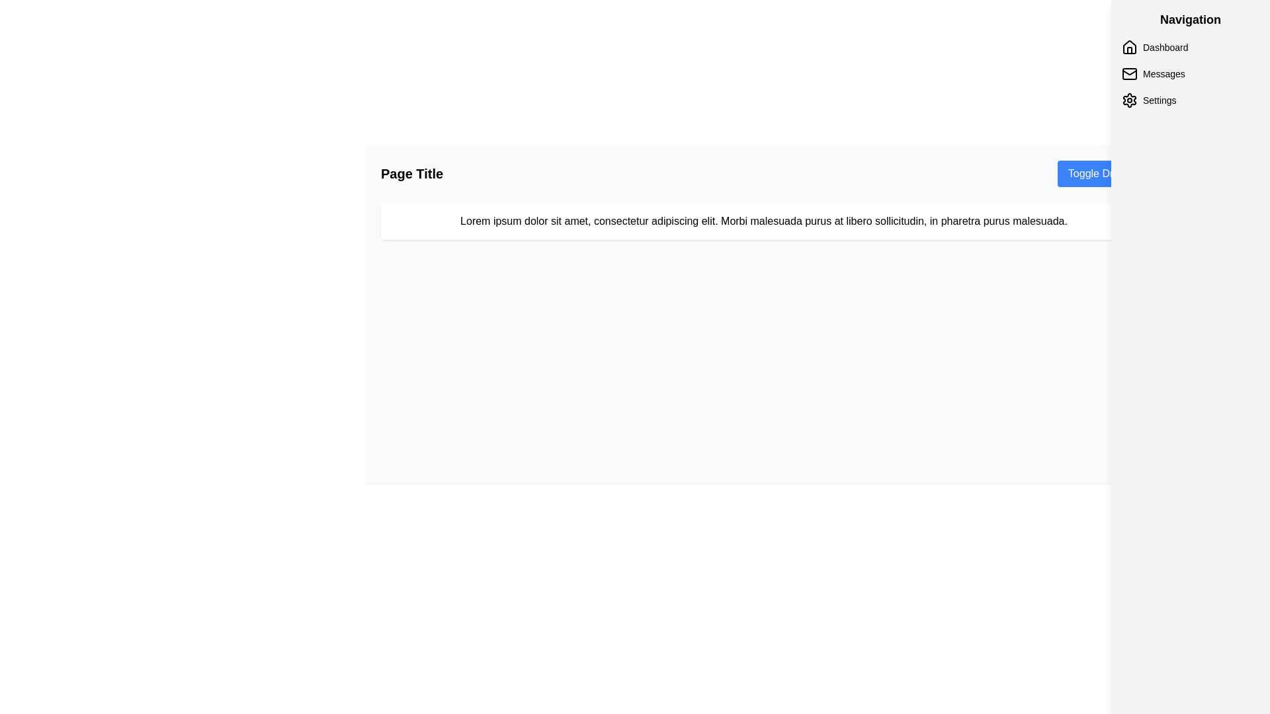 The image size is (1270, 714). I want to click on the 'Settings' navigation menu item located on the right-hand side, below 'Messages' and above subsequent items, so click(1191, 99).